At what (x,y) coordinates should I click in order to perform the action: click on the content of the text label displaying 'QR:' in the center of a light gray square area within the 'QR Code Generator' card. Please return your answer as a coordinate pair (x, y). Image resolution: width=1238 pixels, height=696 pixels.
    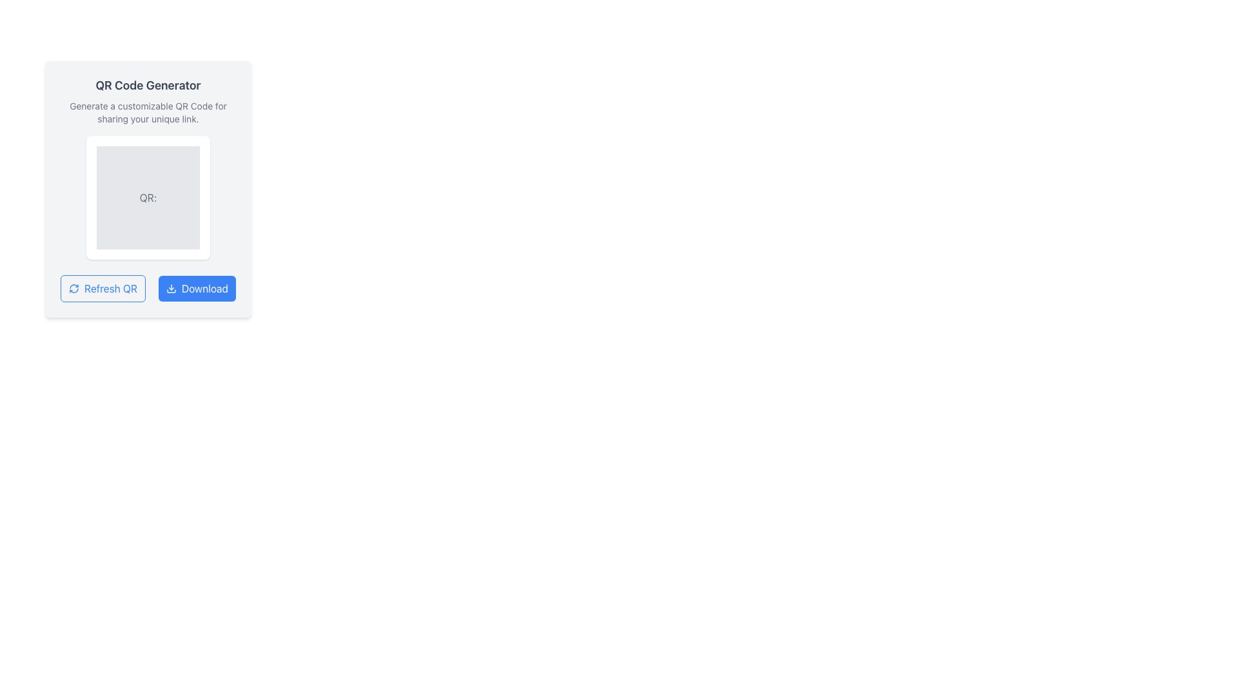
    Looking at the image, I should click on (148, 198).